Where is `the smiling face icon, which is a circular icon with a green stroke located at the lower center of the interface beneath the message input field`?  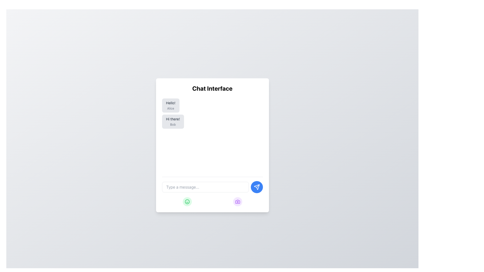
the smiling face icon, which is a circular icon with a green stroke located at the lower center of the interface beneath the message input field is located at coordinates (187, 201).